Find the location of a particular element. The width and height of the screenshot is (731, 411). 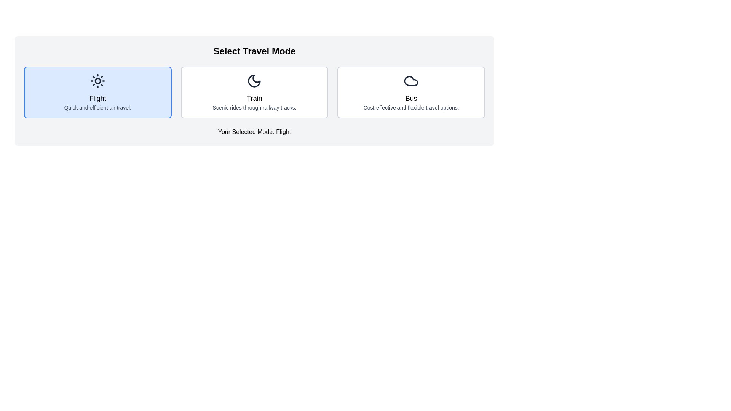

the text display element that shows the word 'Flight', which is part of the label indicating the currently selected travel mode is located at coordinates (282, 131).